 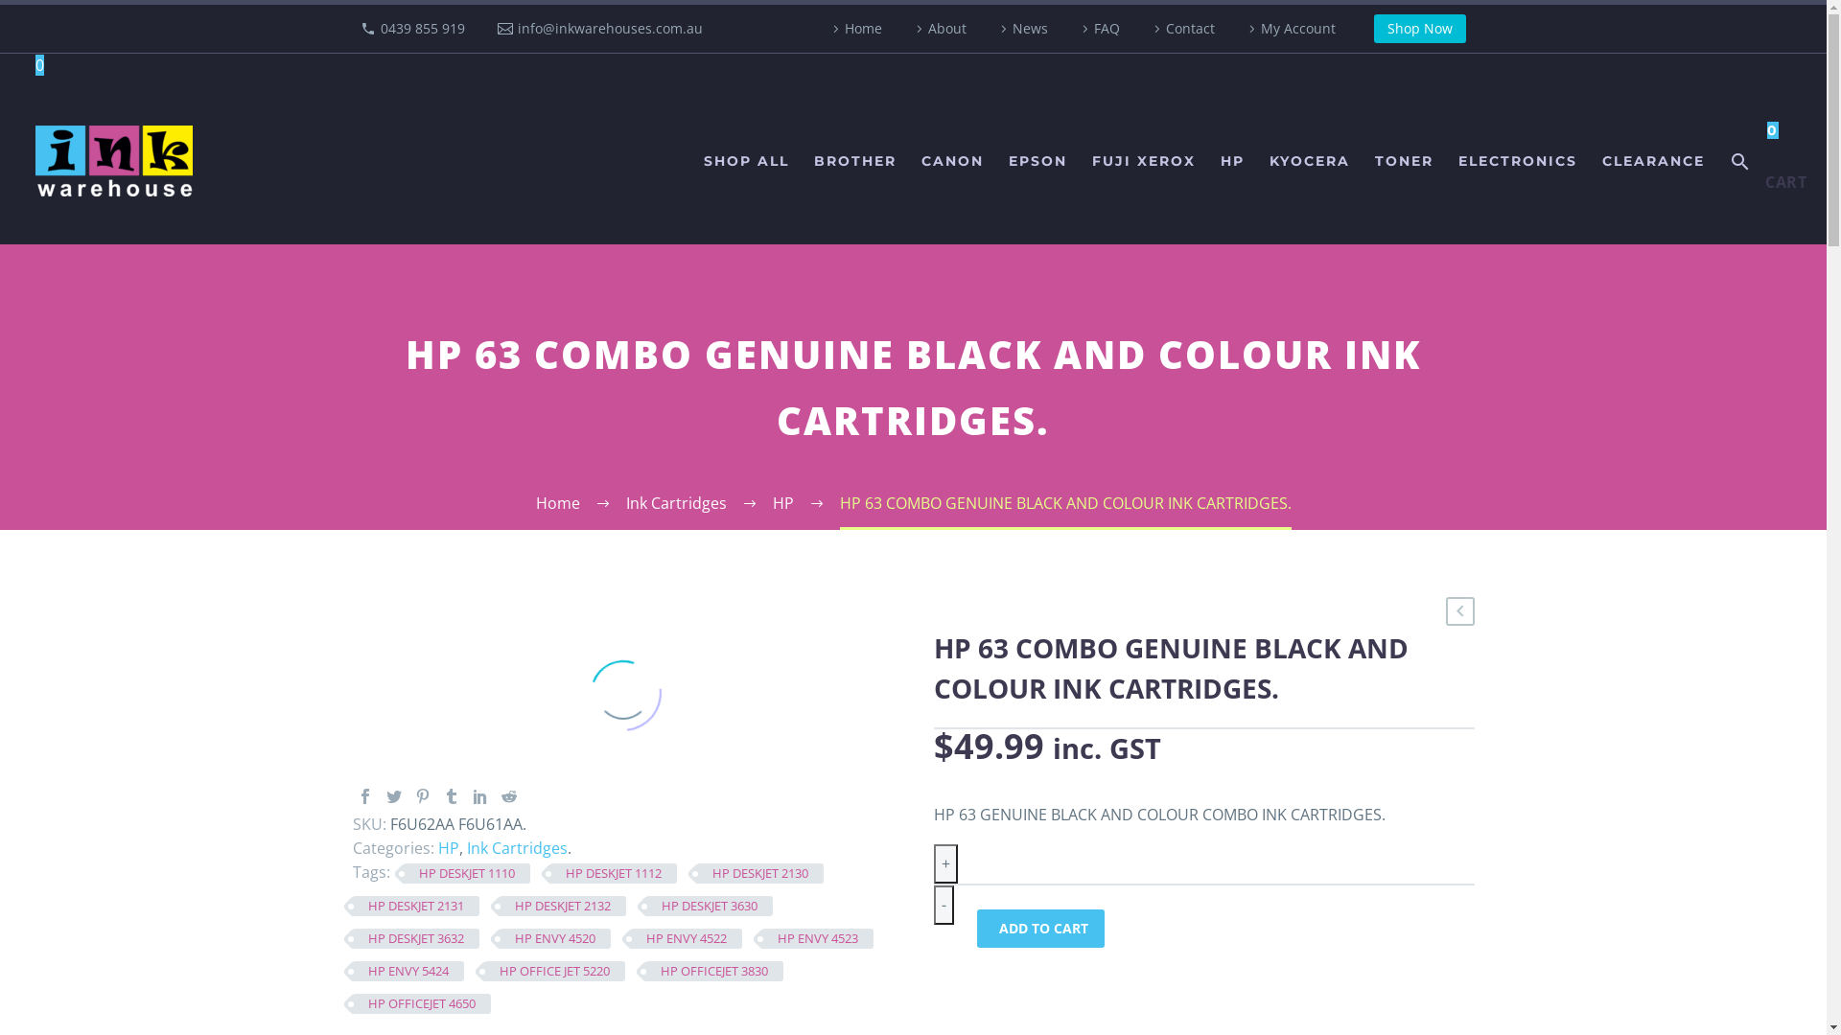 I want to click on 'Pinterest', so click(x=421, y=795).